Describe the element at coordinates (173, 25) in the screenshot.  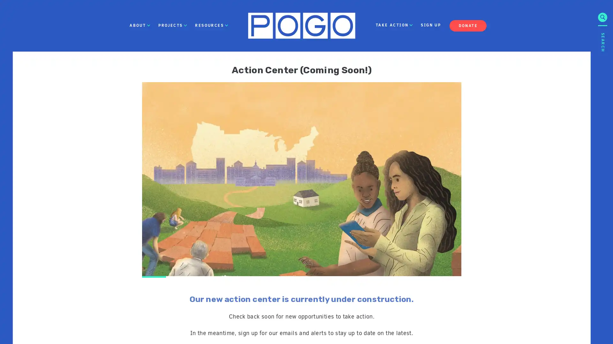
I see `PROJECTS` at that location.